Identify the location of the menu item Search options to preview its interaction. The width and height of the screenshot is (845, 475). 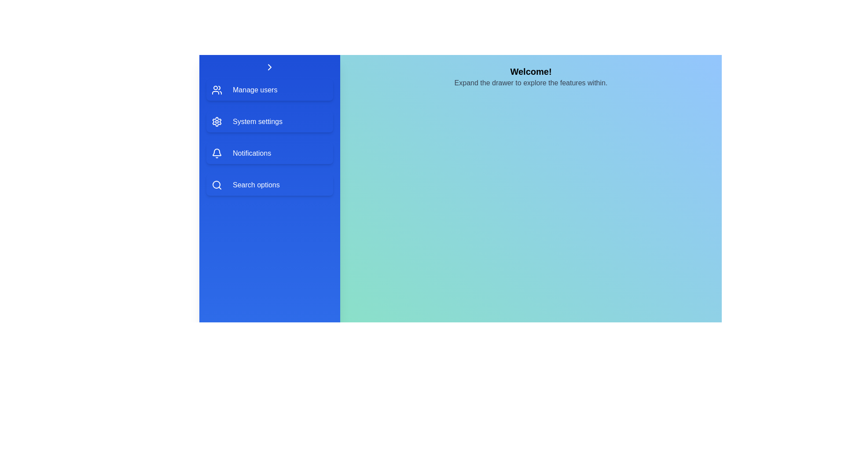
(269, 184).